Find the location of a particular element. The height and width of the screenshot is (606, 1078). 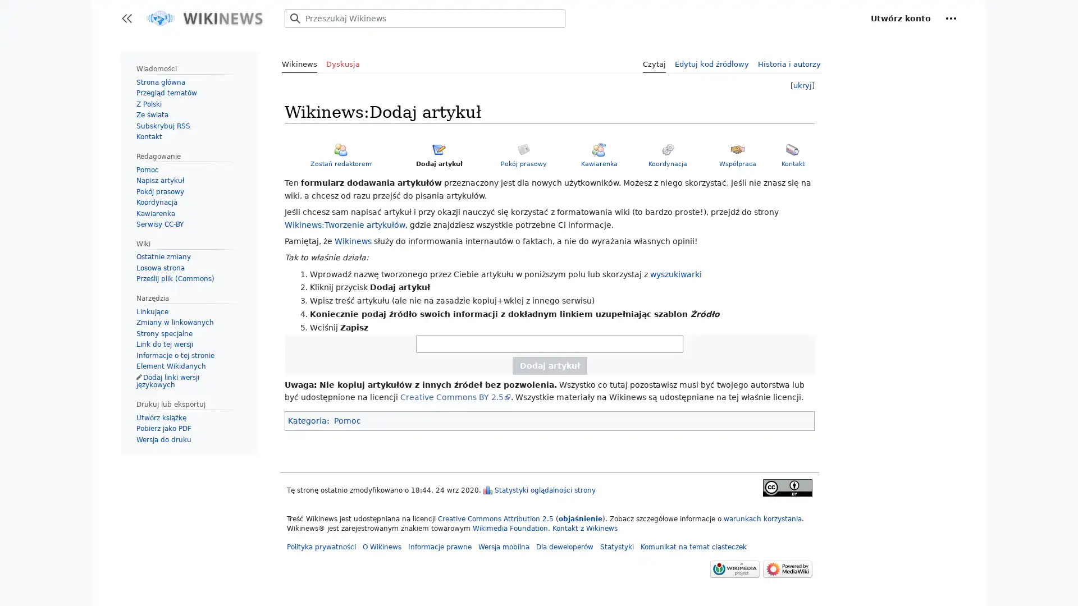

ukryj is located at coordinates (802, 85).